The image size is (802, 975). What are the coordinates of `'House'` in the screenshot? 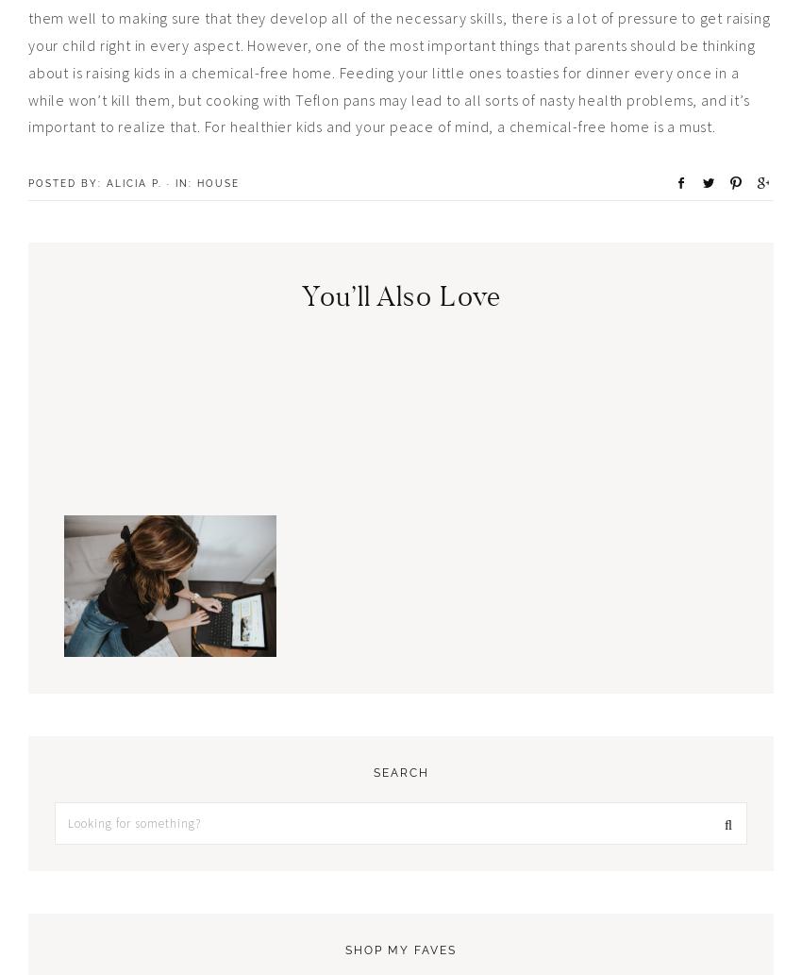 It's located at (218, 182).